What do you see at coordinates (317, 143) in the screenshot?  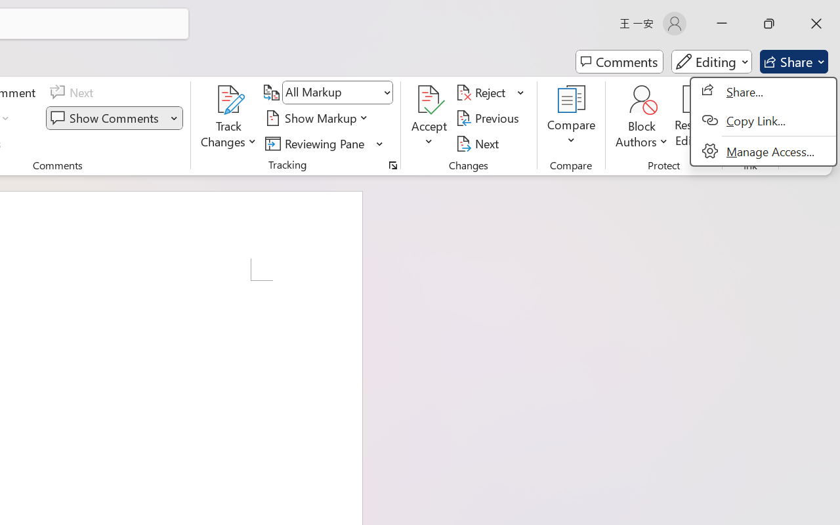 I see `'Reviewing Pane'` at bounding box center [317, 143].